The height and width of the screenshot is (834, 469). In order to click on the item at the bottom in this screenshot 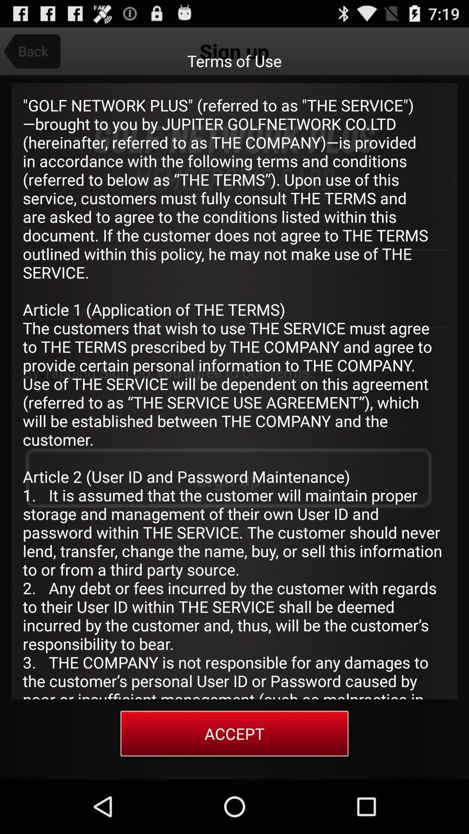, I will do `click(234, 733)`.